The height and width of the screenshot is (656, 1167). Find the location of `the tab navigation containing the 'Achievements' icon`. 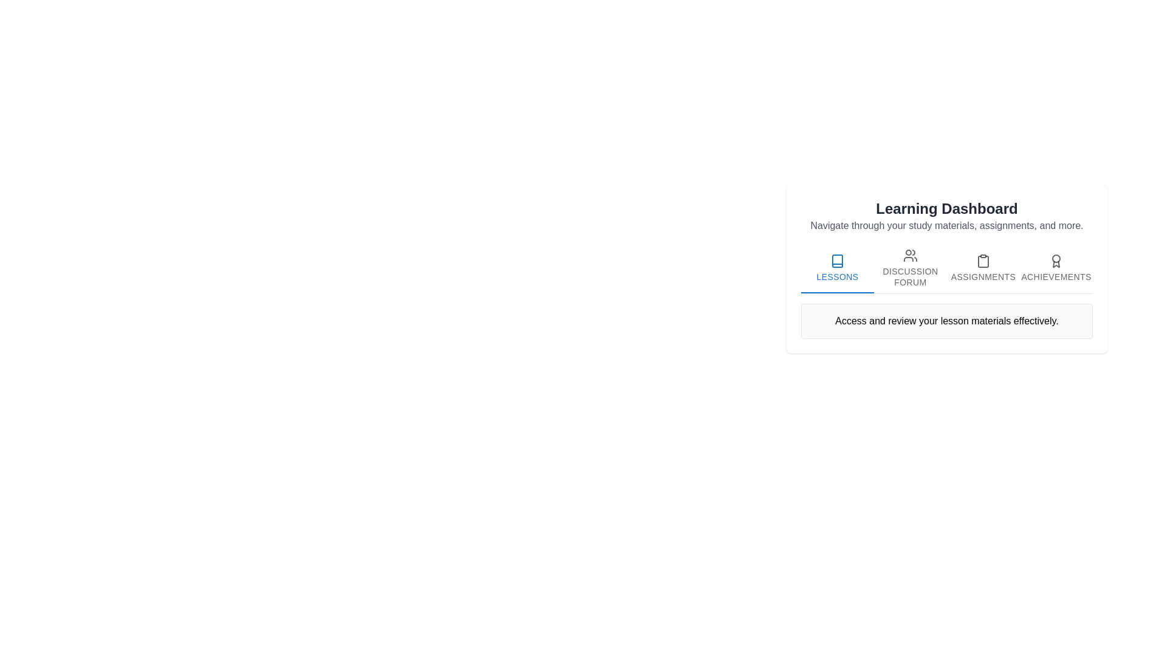

the tab navigation containing the 'Achievements' icon is located at coordinates (1055, 259).